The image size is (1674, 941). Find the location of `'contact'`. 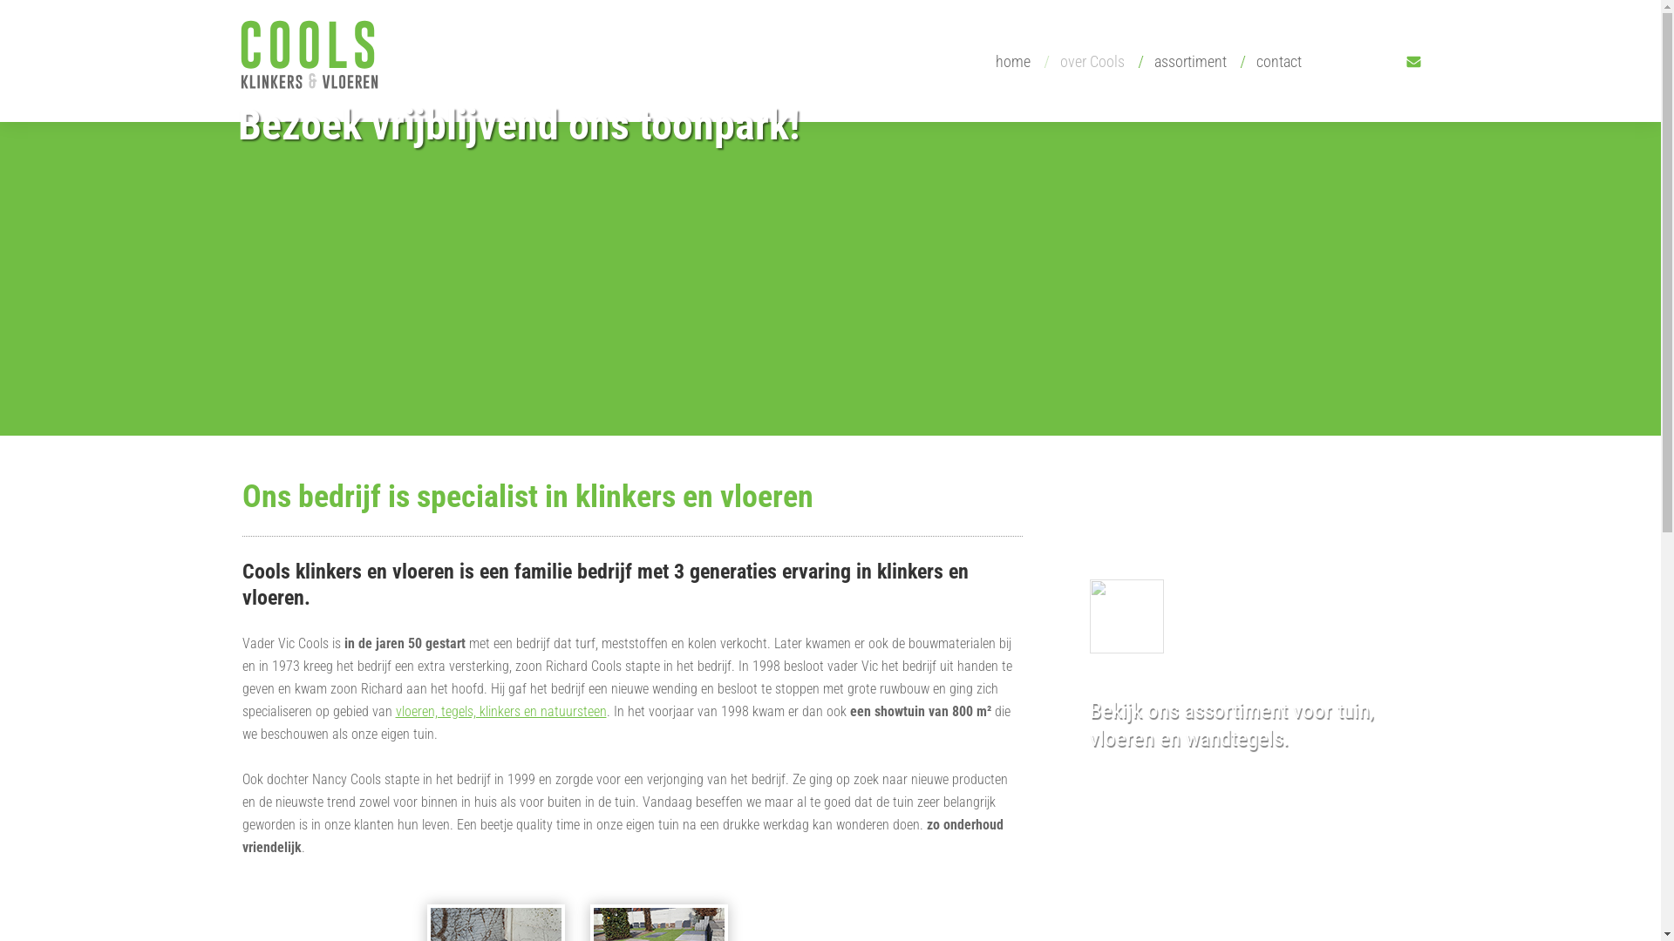

'contact' is located at coordinates (1273, 60).